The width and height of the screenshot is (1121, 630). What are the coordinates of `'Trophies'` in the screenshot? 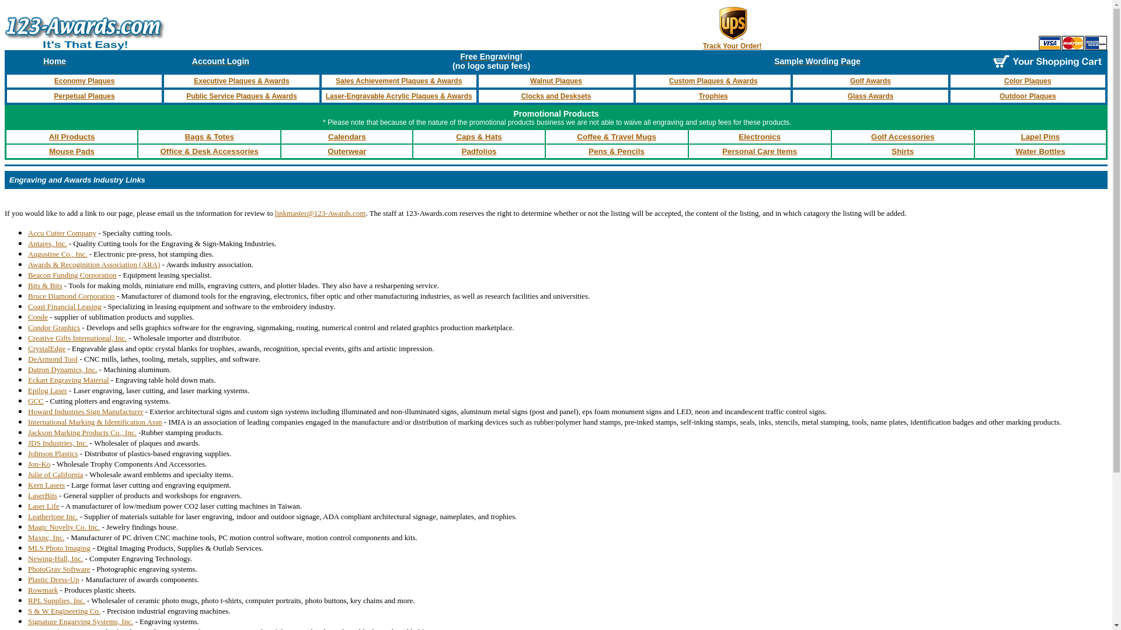 It's located at (698, 96).